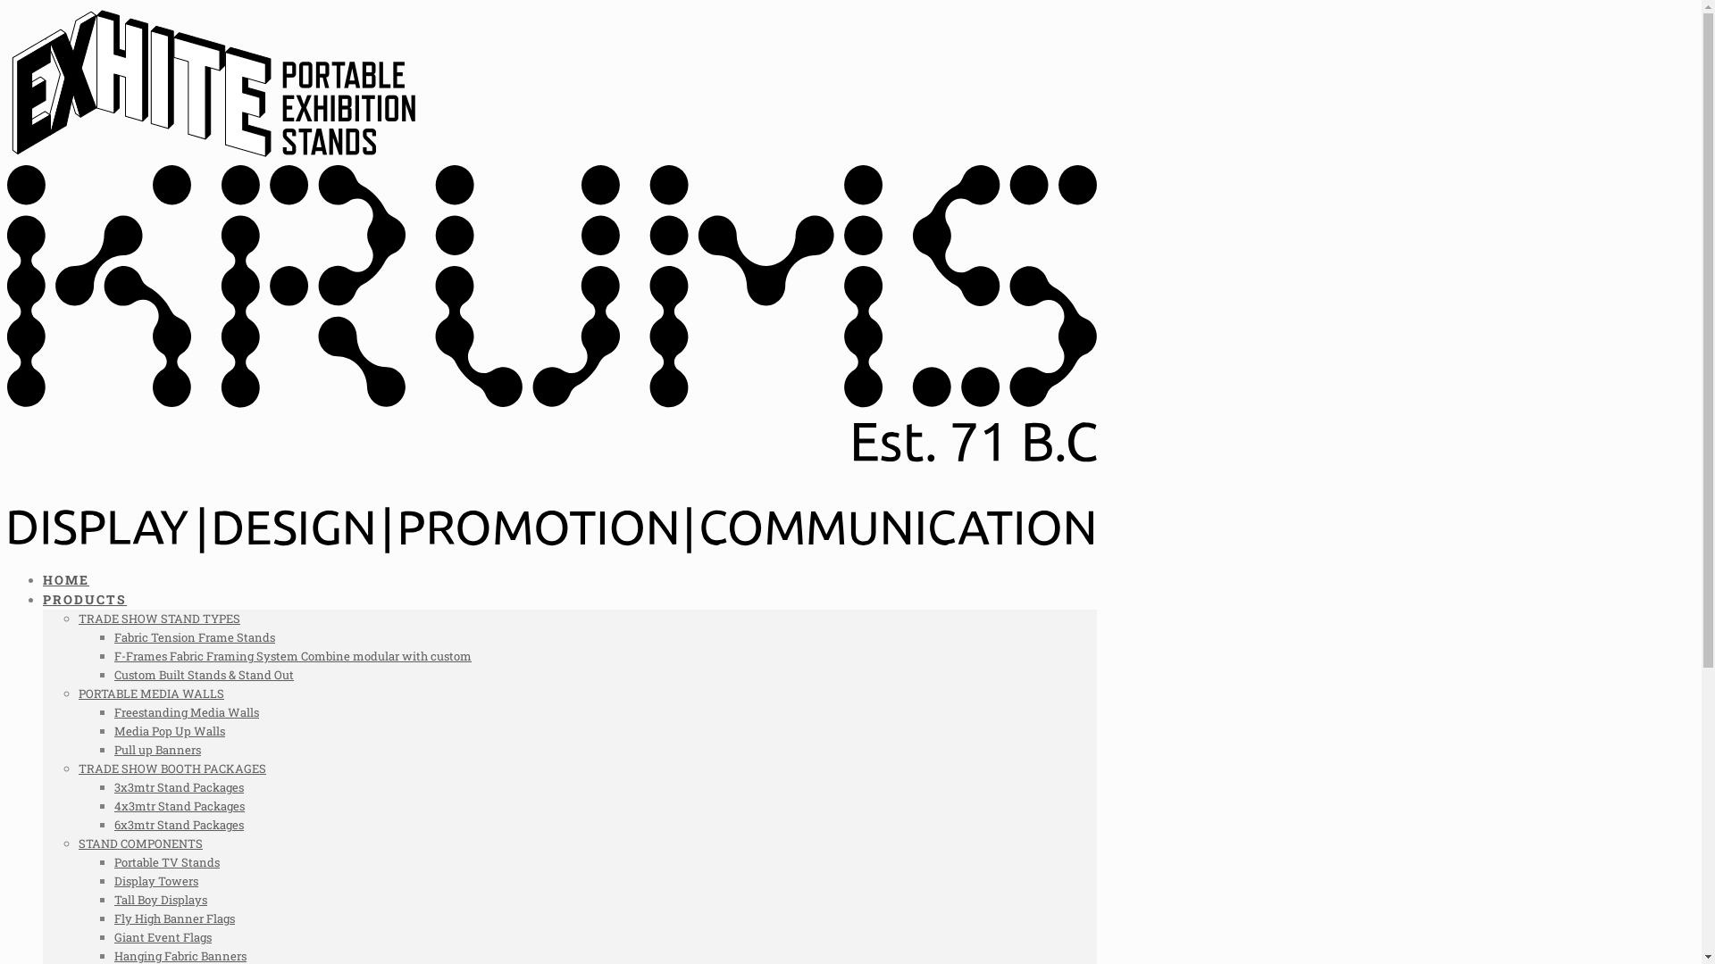 The height and width of the screenshot is (964, 1715). Describe the element at coordinates (171, 767) in the screenshot. I see `'TRADE SHOW BOOTH PACKAGES'` at that location.